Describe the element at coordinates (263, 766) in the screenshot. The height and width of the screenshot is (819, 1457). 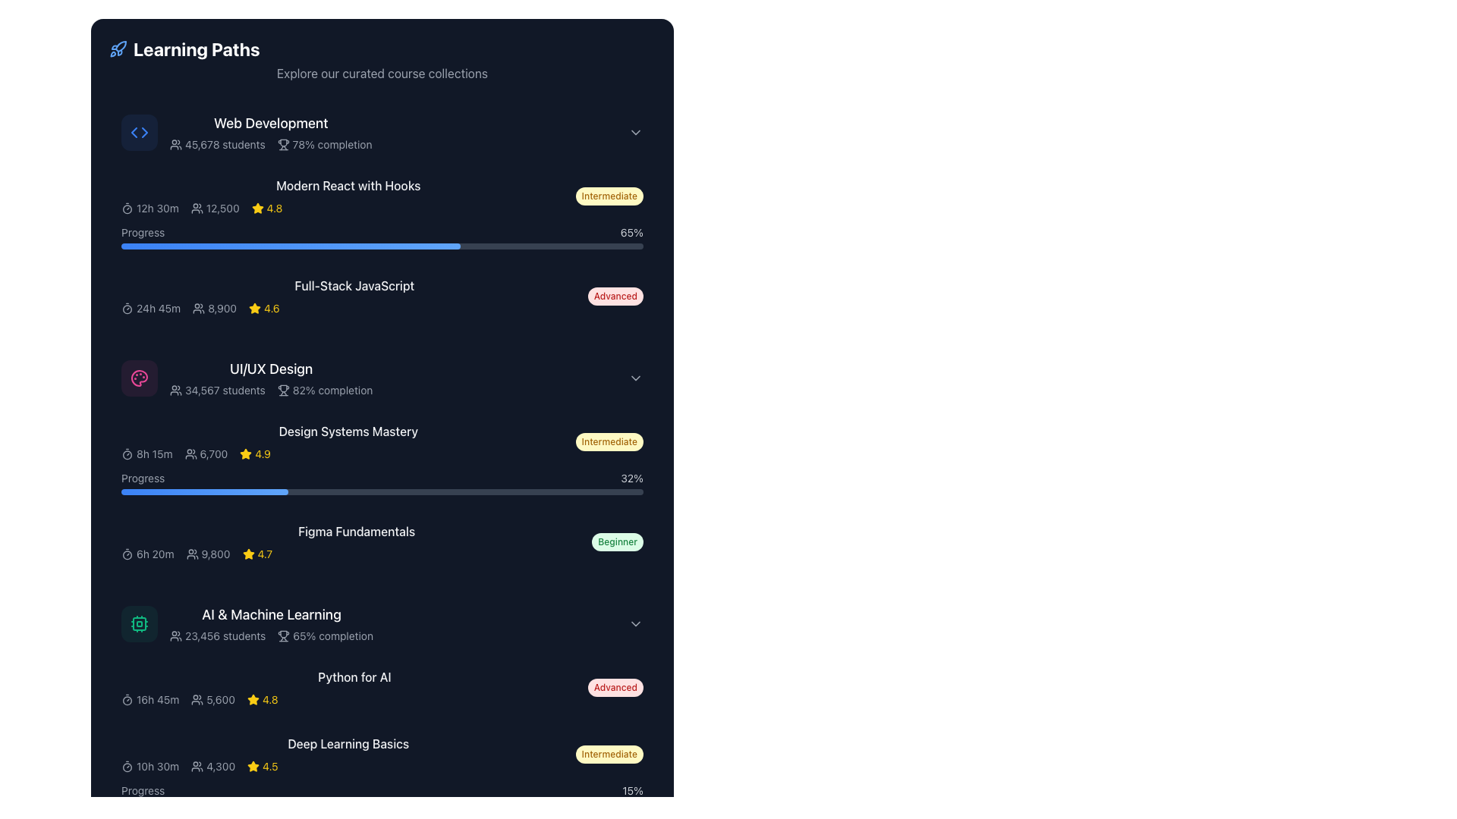
I see `the Rating Display for the course 'Deep Learning Basics', which shows the average user rating and is located in the lower-right portion of the course details section` at that location.